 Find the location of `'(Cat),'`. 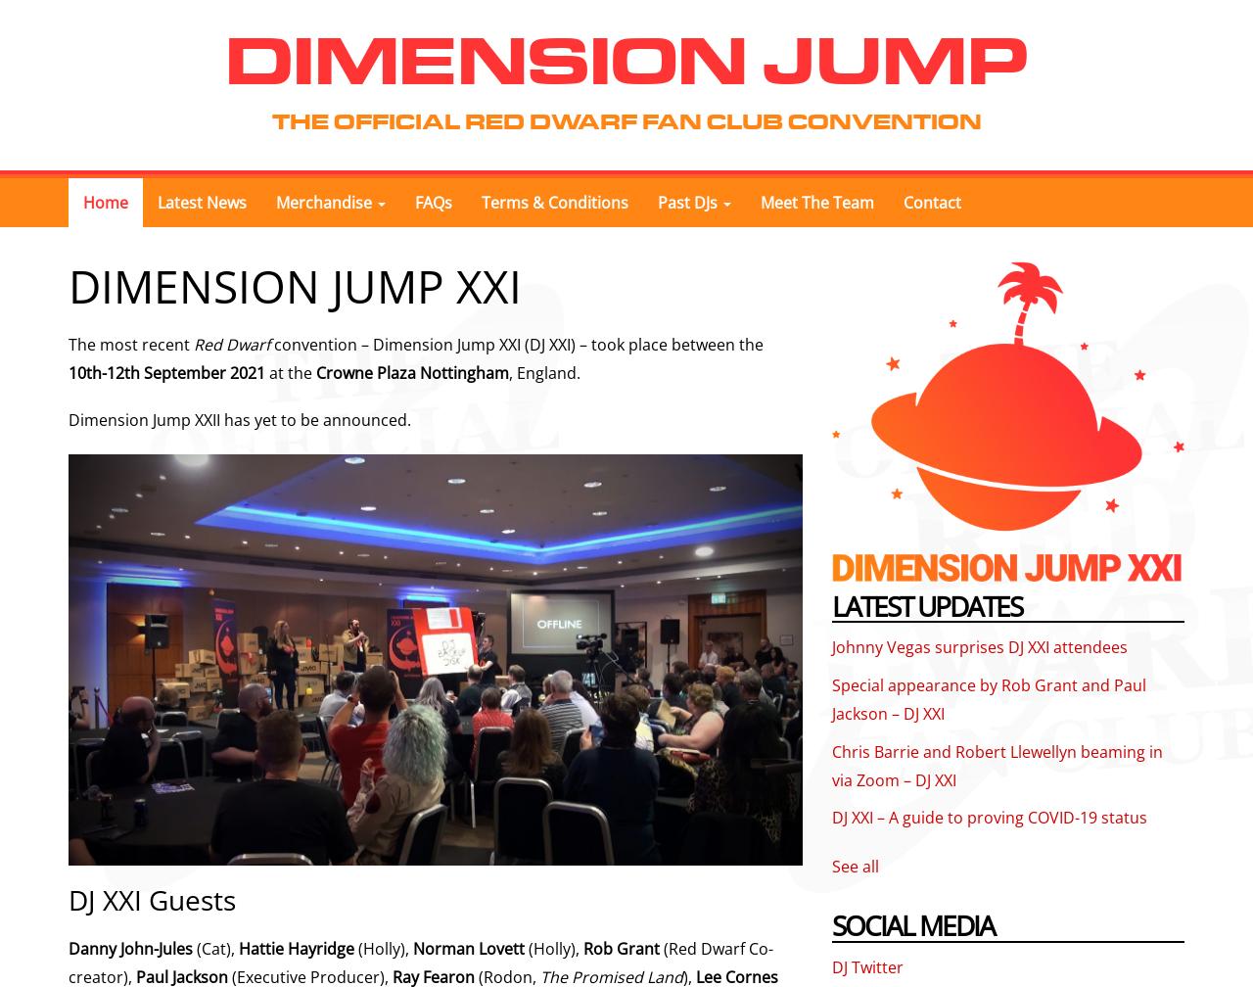

'(Cat),' is located at coordinates (215, 947).